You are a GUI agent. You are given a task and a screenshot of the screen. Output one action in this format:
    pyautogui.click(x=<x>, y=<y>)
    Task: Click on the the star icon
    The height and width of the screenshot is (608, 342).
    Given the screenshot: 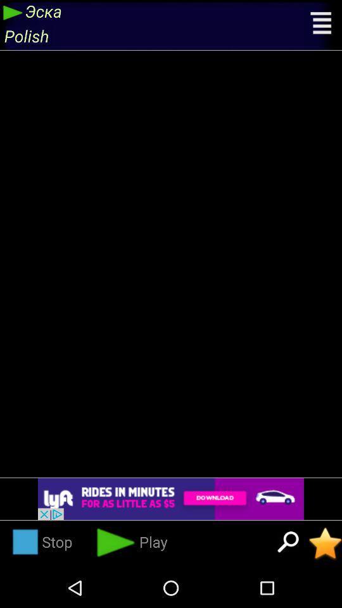 What is the action you would take?
    pyautogui.click(x=325, y=582)
    